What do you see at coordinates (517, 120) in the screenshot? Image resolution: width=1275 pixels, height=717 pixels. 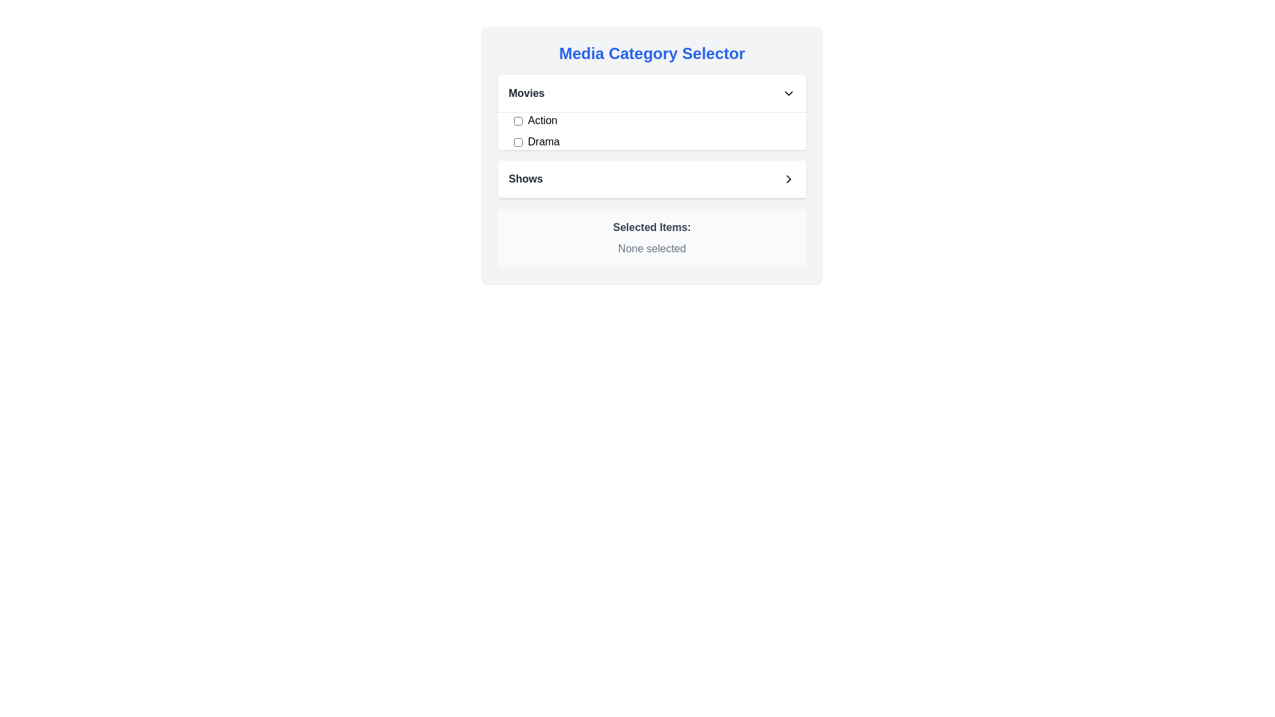 I see `the small, rounded checkbox styled with a blue theme located to the left of the text label 'Action' in the 'Movies' category` at bounding box center [517, 120].